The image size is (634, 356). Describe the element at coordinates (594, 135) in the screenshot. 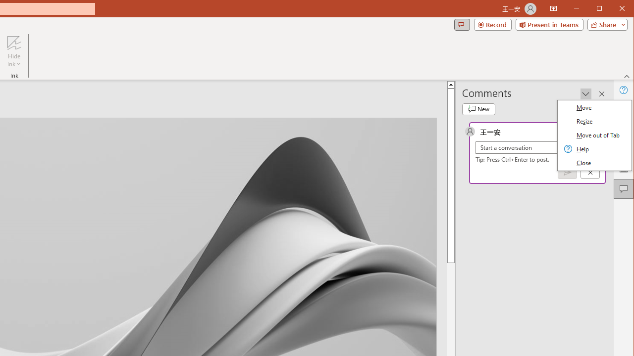

I see `'Class: Net UI Tool Window'` at that location.